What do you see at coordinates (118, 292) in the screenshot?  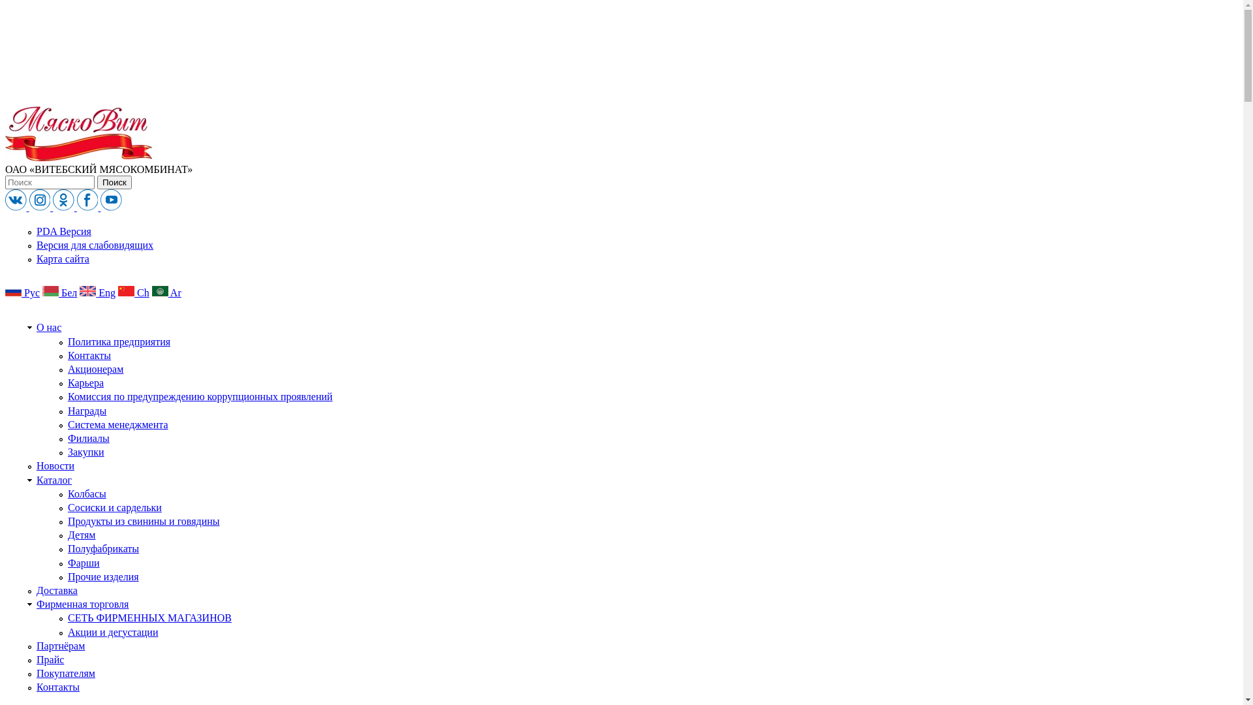 I see `' Ch'` at bounding box center [118, 292].